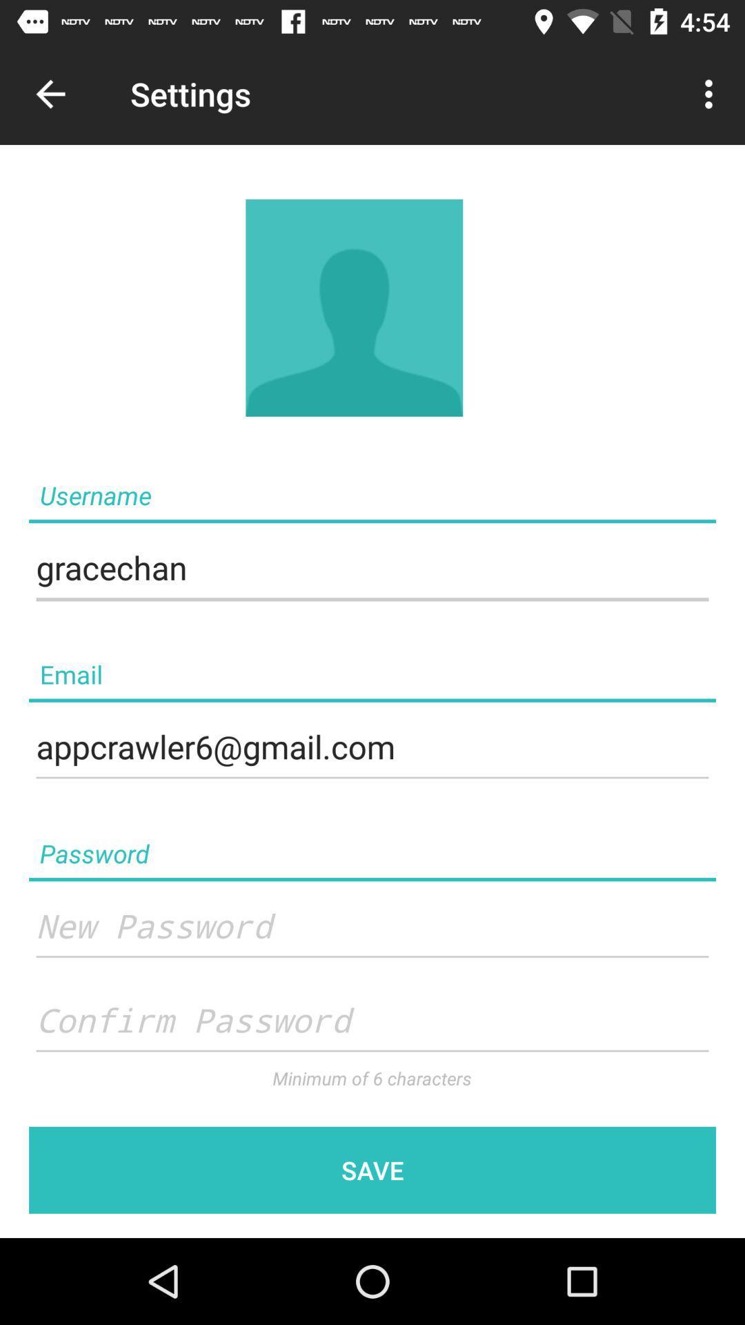 This screenshot has width=745, height=1325. Describe the element at coordinates (714, 94) in the screenshot. I see `menu` at that location.